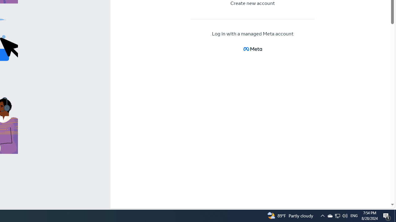 This screenshot has width=396, height=222. Describe the element at coordinates (252, 48) in the screenshot. I see `'Meta logo'` at that location.